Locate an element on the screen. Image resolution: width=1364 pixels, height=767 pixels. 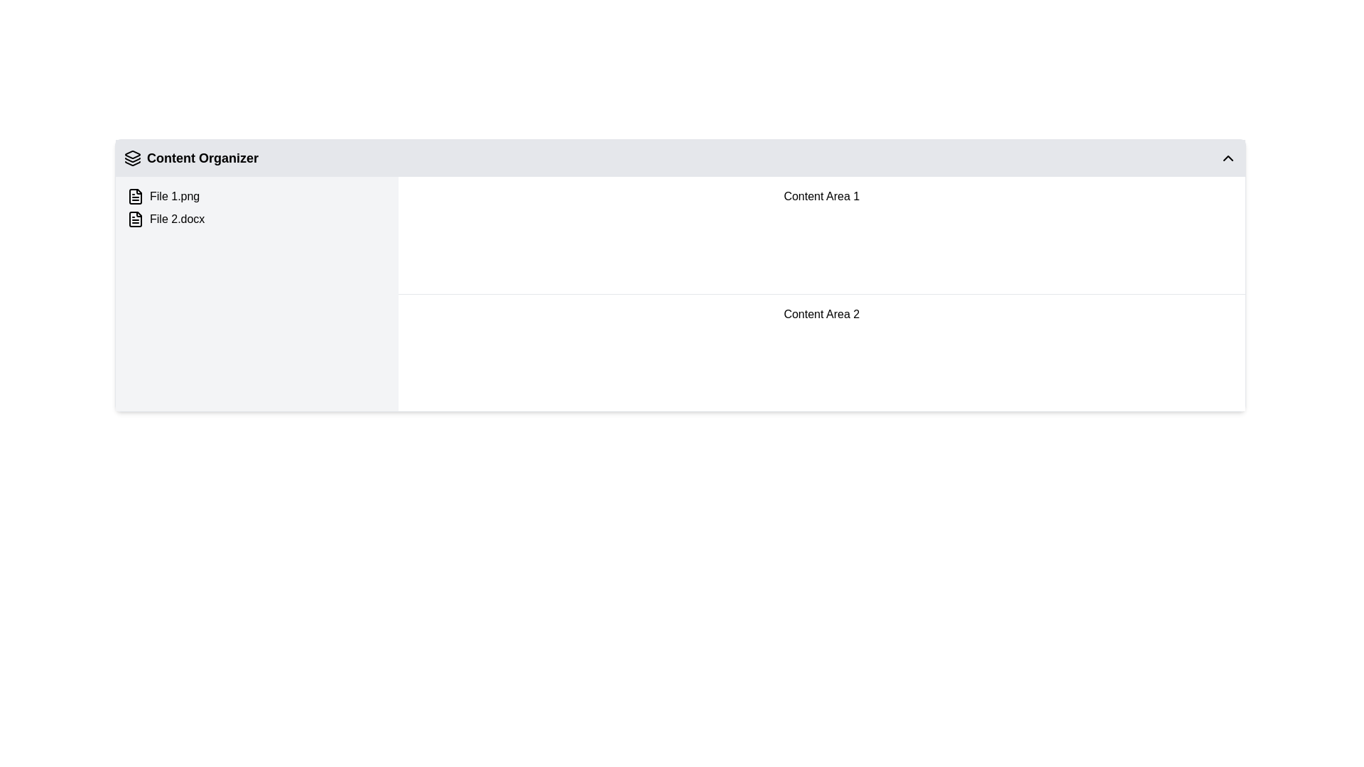
the layered icon with a minimalist outline located to the left of the 'Content Organizer' title is located at coordinates (133, 158).